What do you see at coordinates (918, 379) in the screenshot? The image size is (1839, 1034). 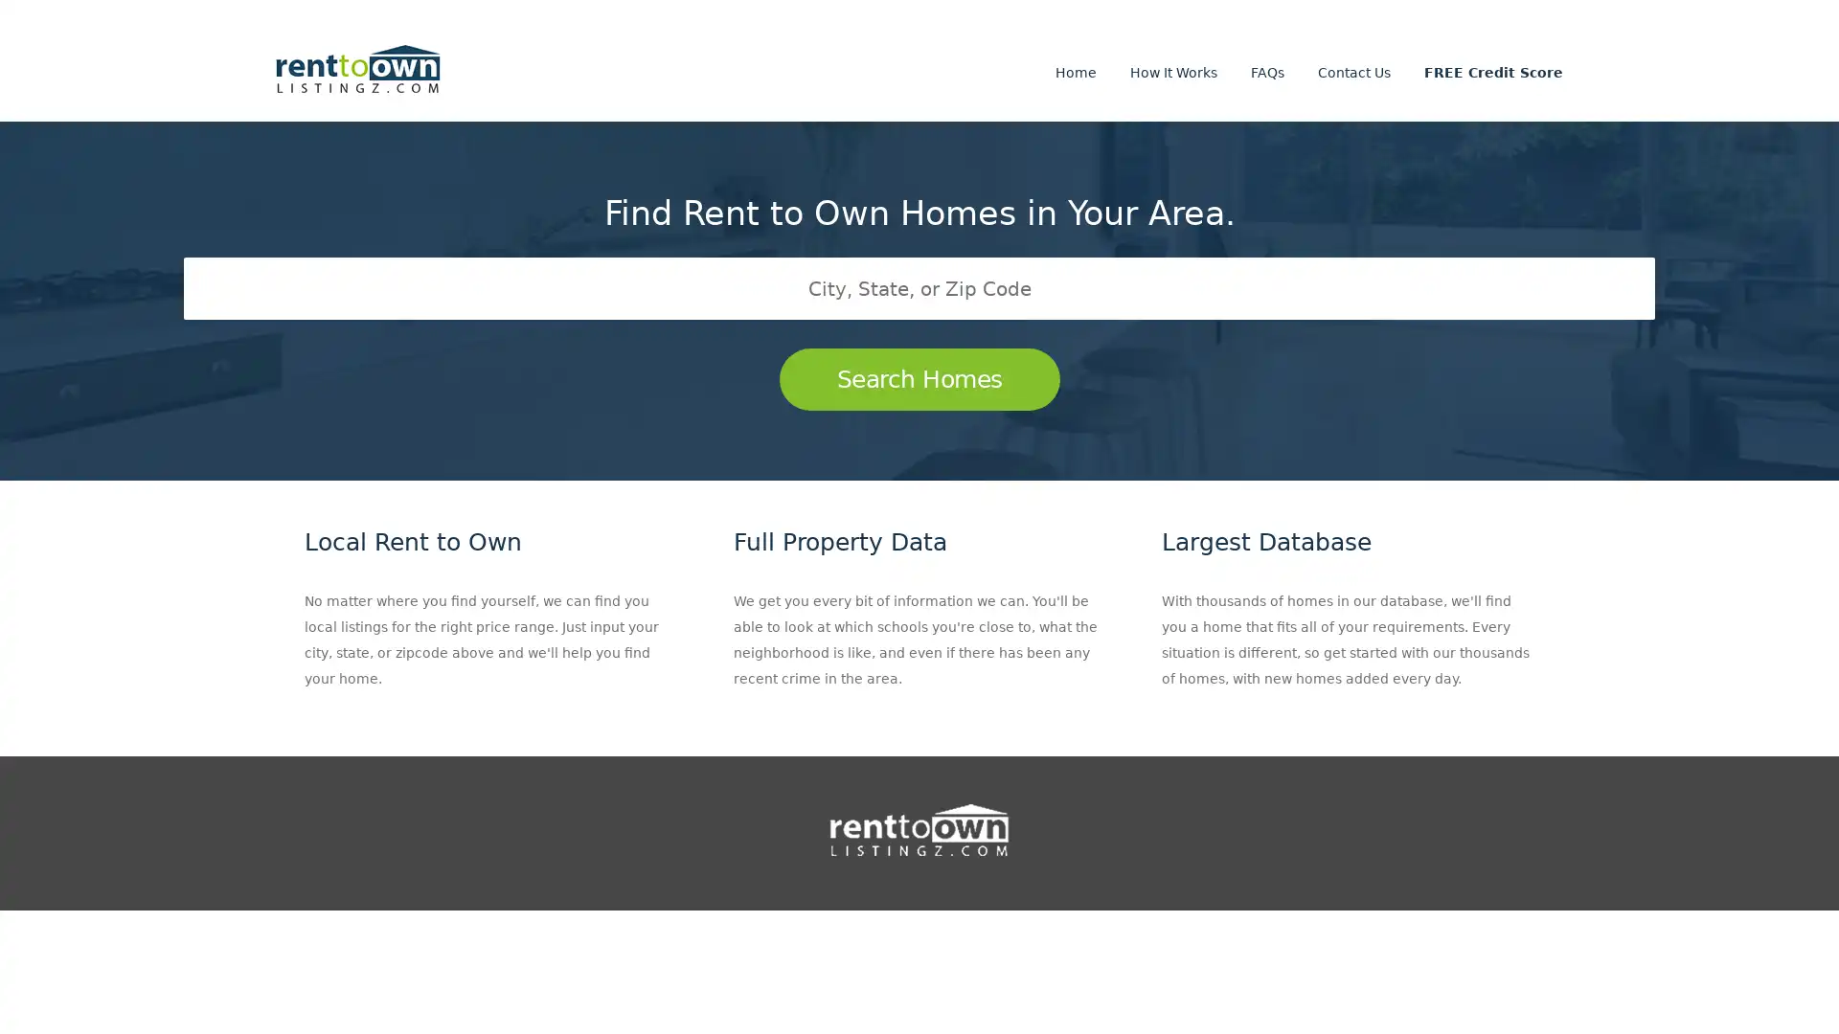 I see `Search Homes` at bounding box center [918, 379].